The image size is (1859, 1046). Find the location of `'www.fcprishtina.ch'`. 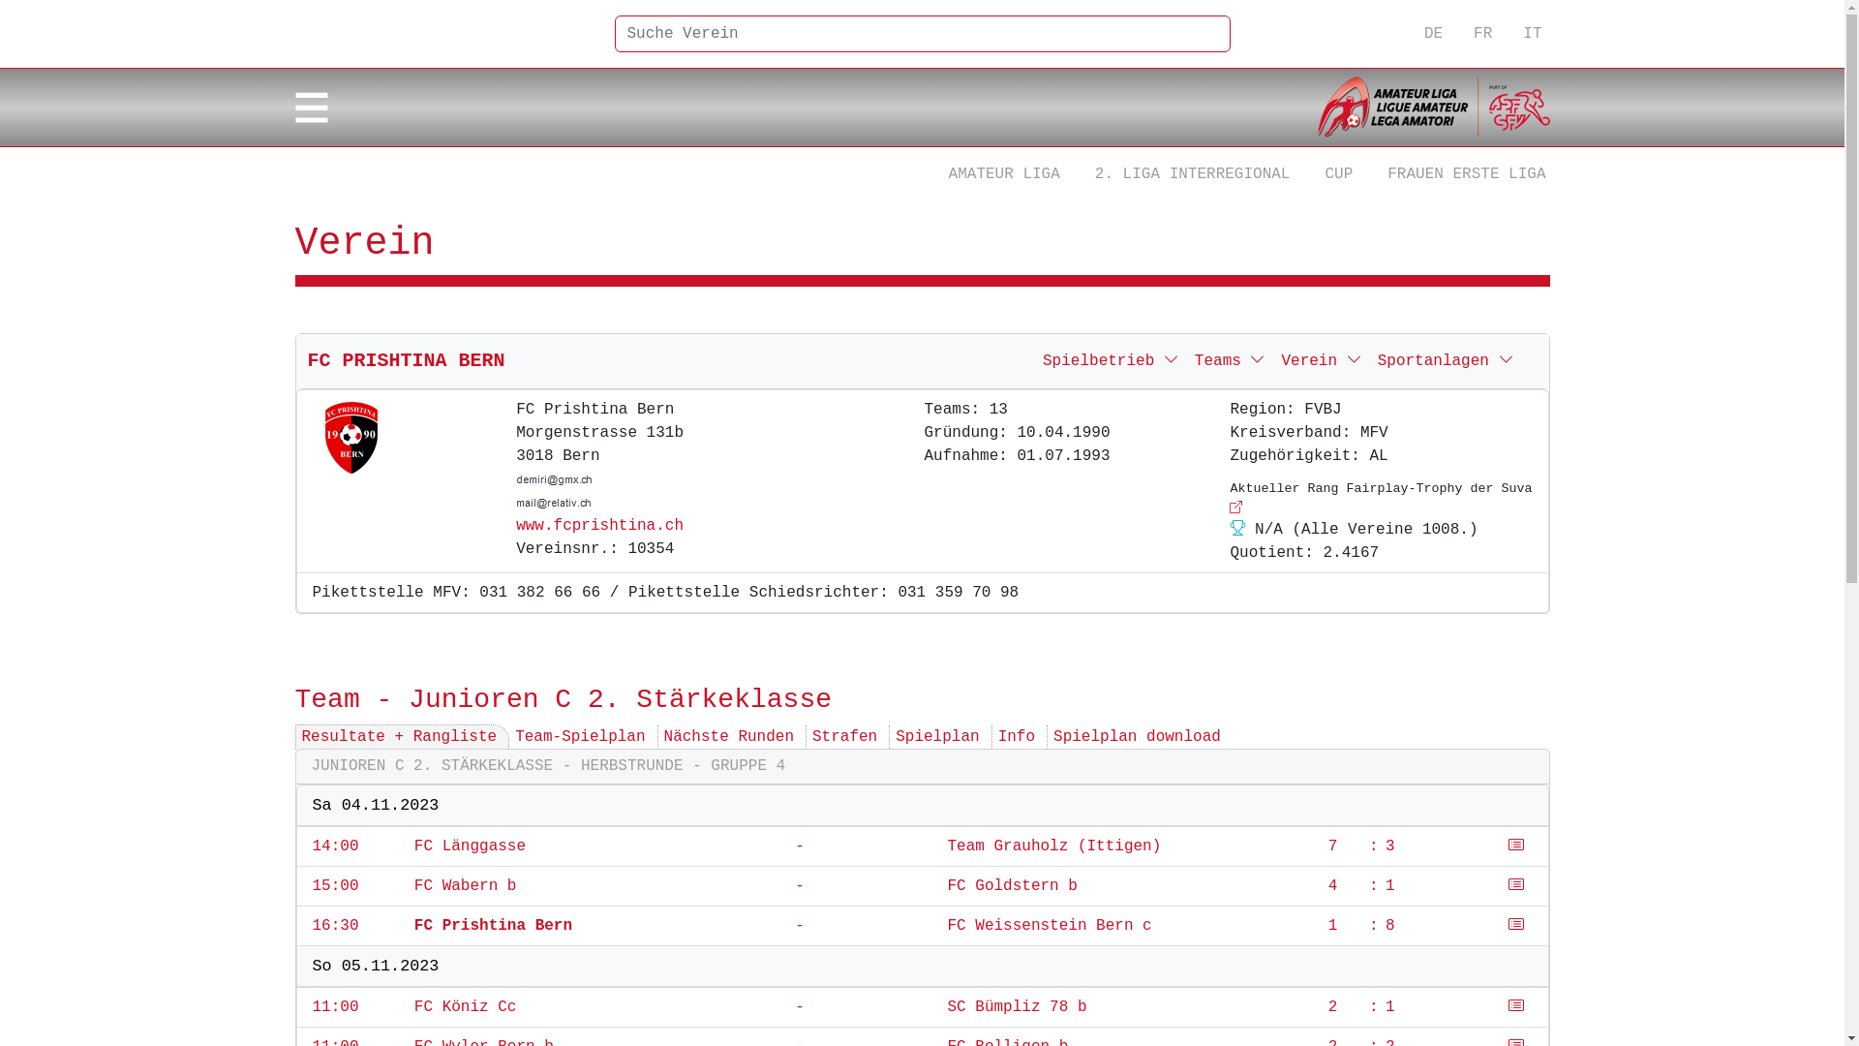

'www.fcprishtina.ch' is located at coordinates (598, 526).